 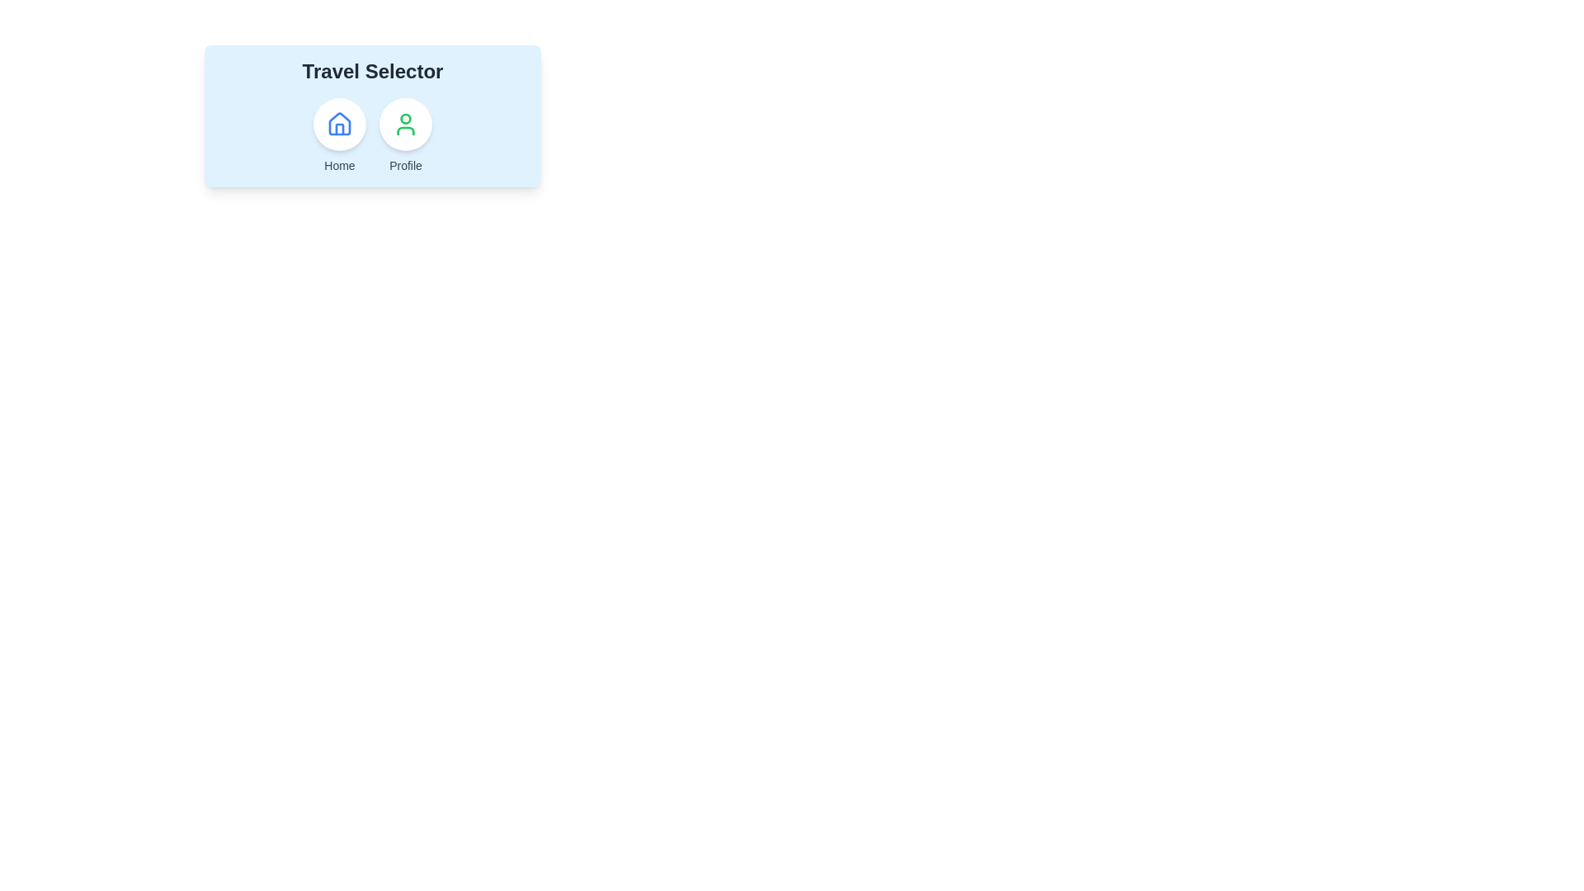 What do you see at coordinates (371, 135) in the screenshot?
I see `the 'Profile' group in the navigation panel located beneath the title 'Travel Selector'` at bounding box center [371, 135].